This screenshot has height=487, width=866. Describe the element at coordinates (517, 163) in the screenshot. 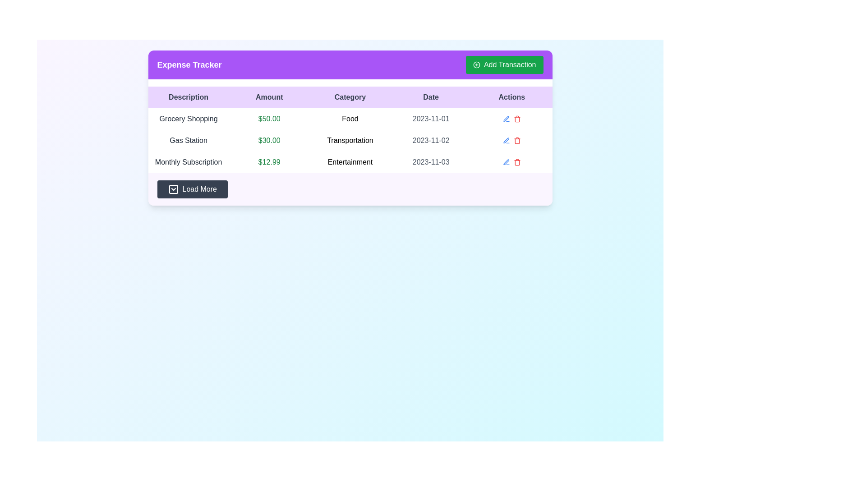

I see `the trash can icon located in the 'Actions' column of the last row of the transaction table to initiate a delete action` at that location.